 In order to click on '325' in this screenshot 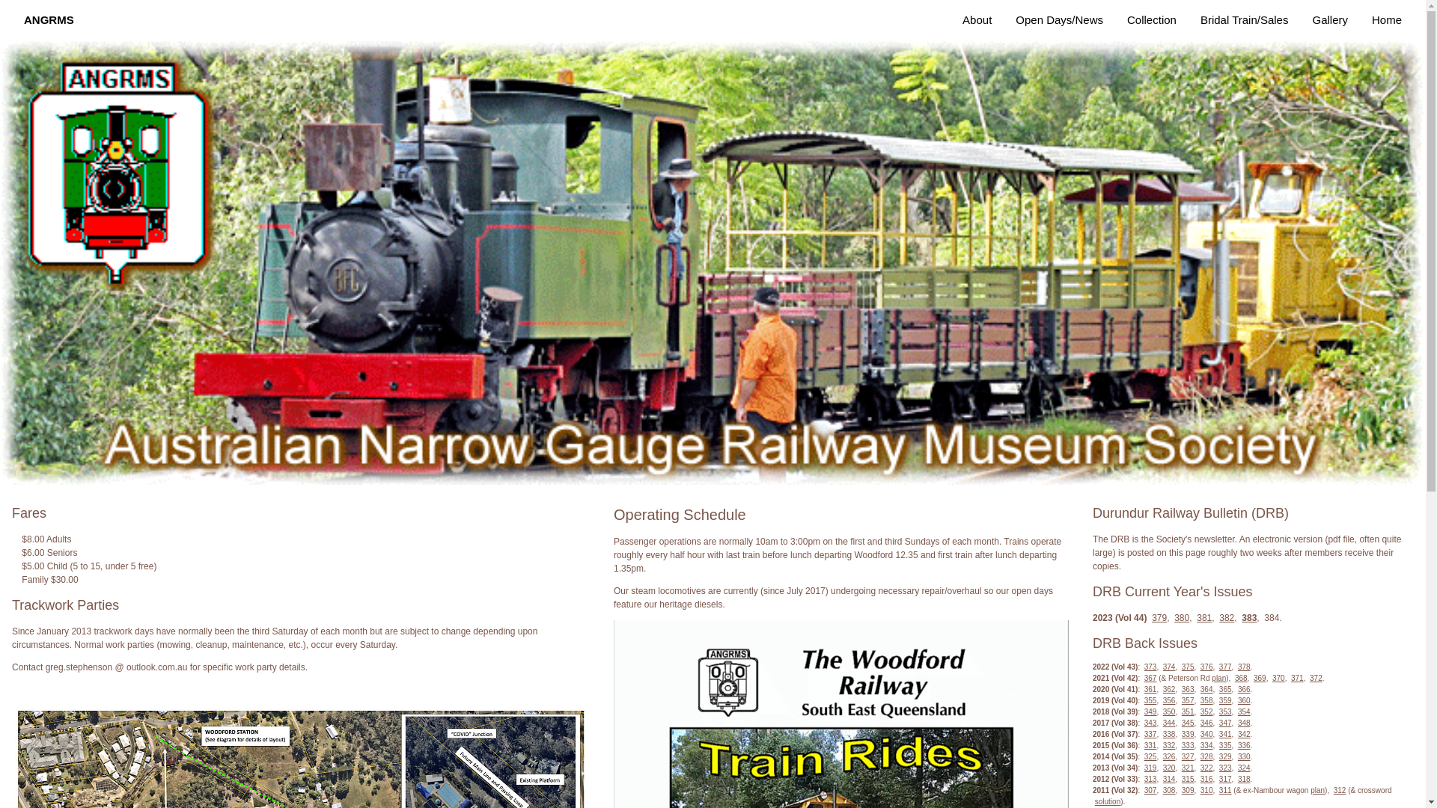, I will do `click(1144, 756)`.